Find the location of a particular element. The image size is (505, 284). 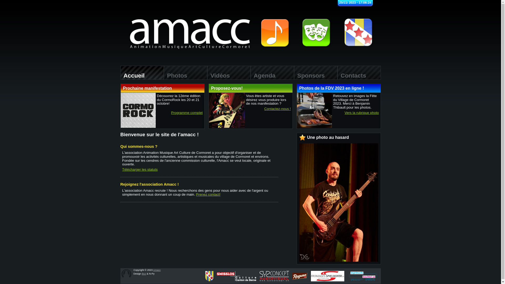

'Amacc' is located at coordinates (156, 270).